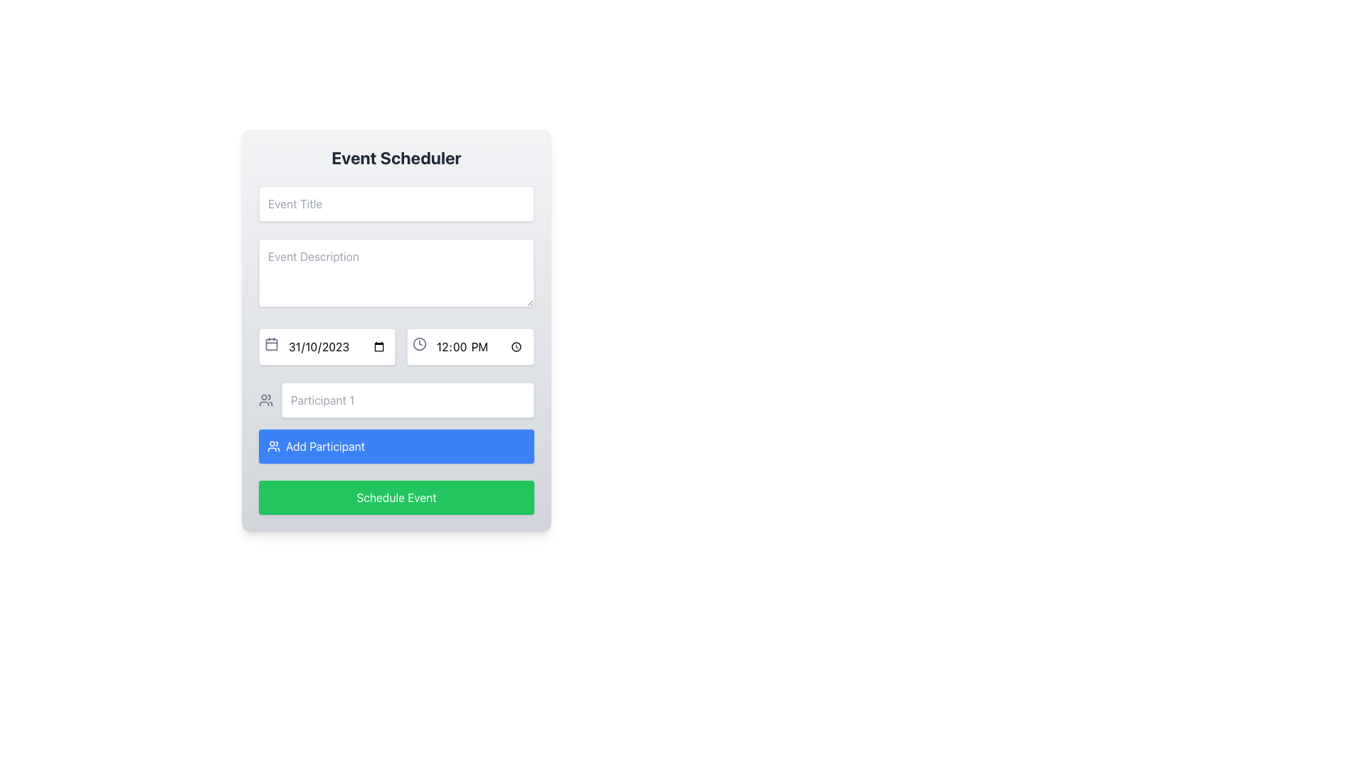  Describe the element at coordinates (266, 400) in the screenshot. I see `the group of users icon, which is a simple, line-based illustration styled in gray, positioned to the left of the 'Add Participant' button` at that location.